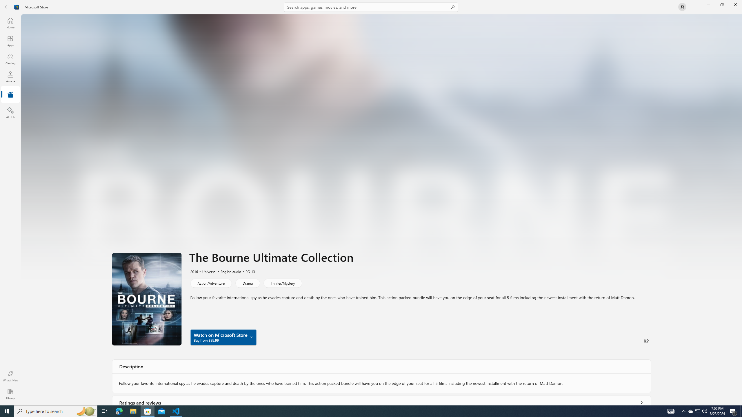 The height and width of the screenshot is (417, 742). Describe the element at coordinates (722, 4) in the screenshot. I see `'Restore Microsoft Store'` at that location.